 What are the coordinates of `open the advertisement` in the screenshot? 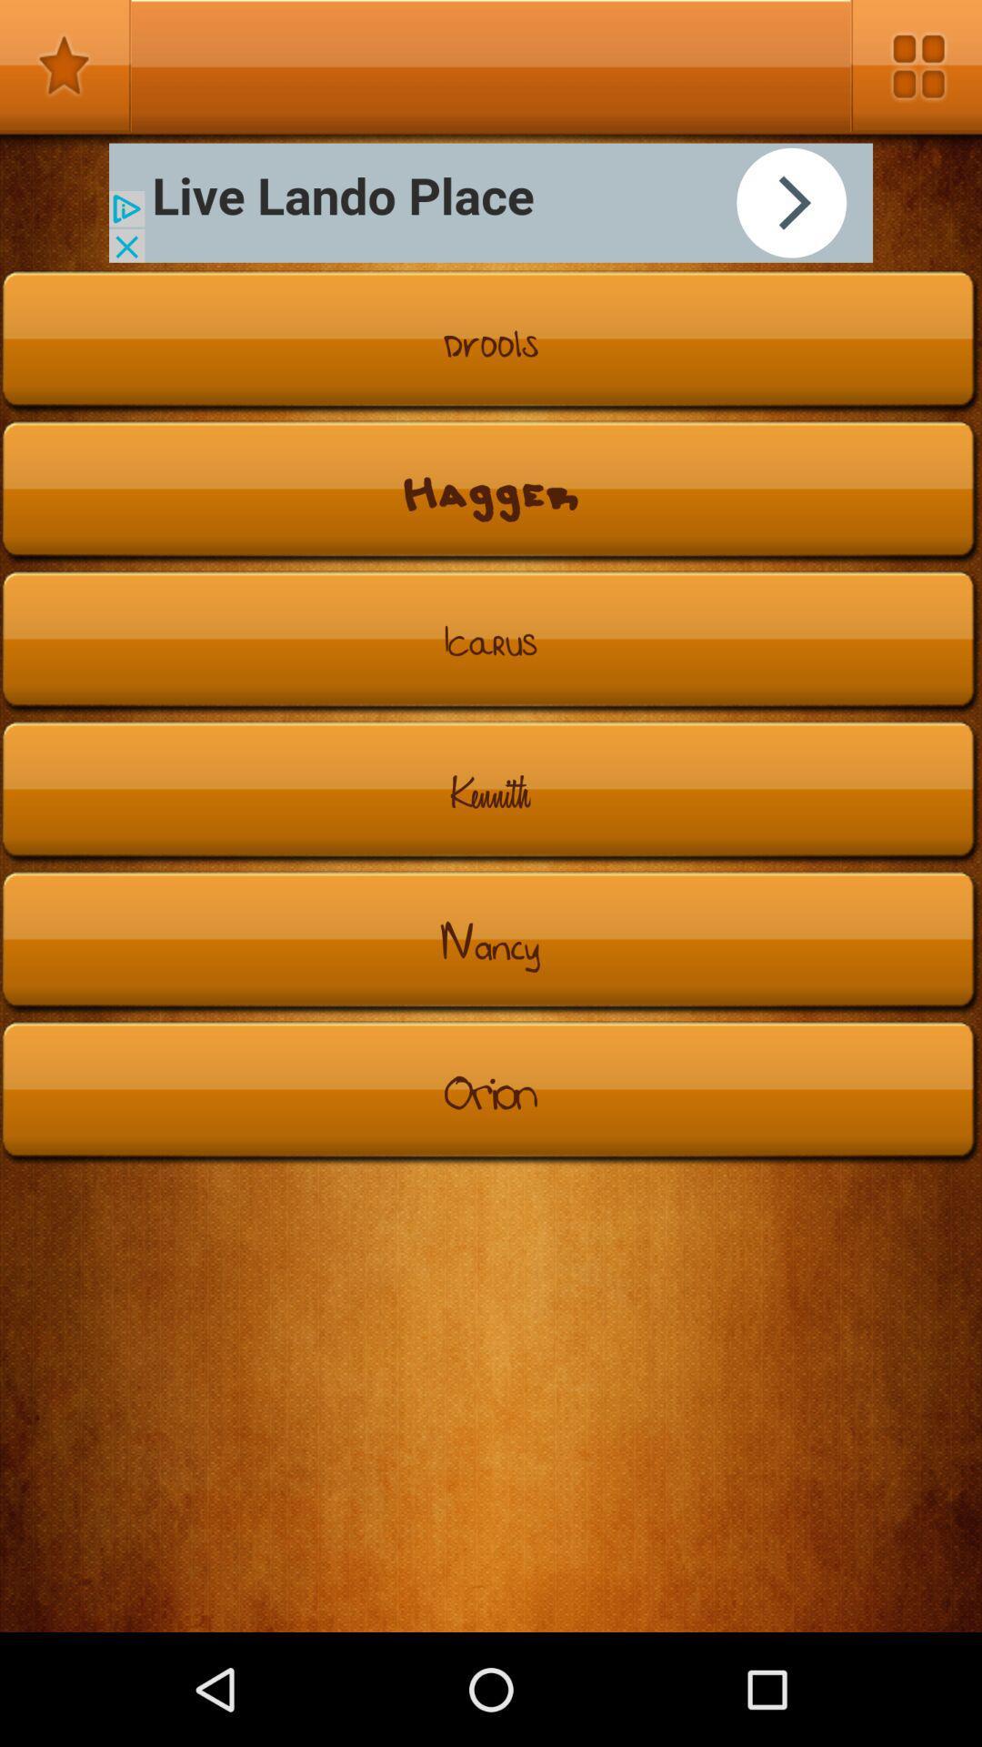 It's located at (491, 203).